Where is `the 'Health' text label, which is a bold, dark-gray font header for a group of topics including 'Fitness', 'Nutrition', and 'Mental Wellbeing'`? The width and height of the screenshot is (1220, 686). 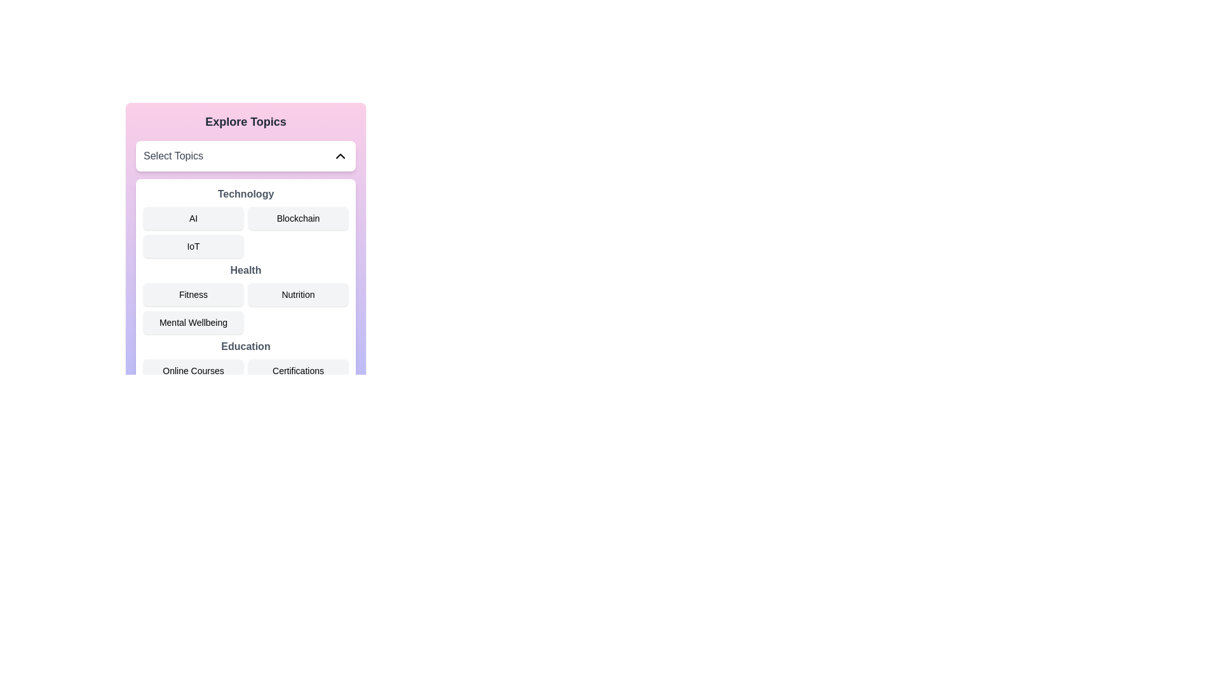
the 'Health' text label, which is a bold, dark-gray font header for a group of topics including 'Fitness', 'Nutrition', and 'Mental Wellbeing' is located at coordinates (246, 269).